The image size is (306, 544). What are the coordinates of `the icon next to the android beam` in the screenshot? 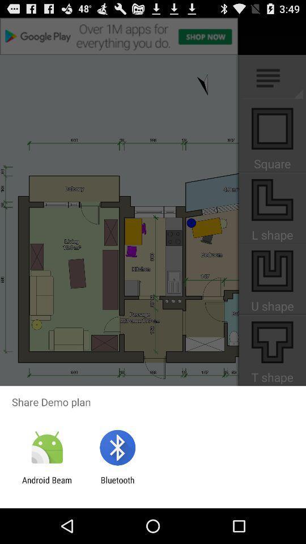 It's located at (117, 484).